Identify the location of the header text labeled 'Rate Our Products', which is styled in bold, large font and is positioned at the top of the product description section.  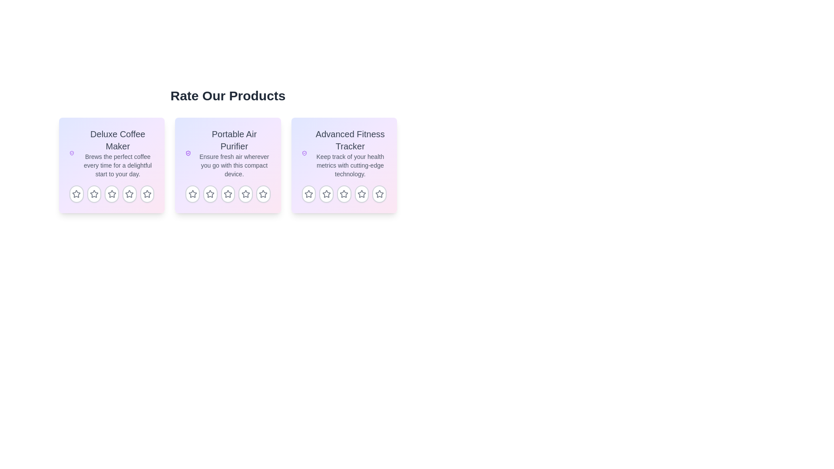
(228, 96).